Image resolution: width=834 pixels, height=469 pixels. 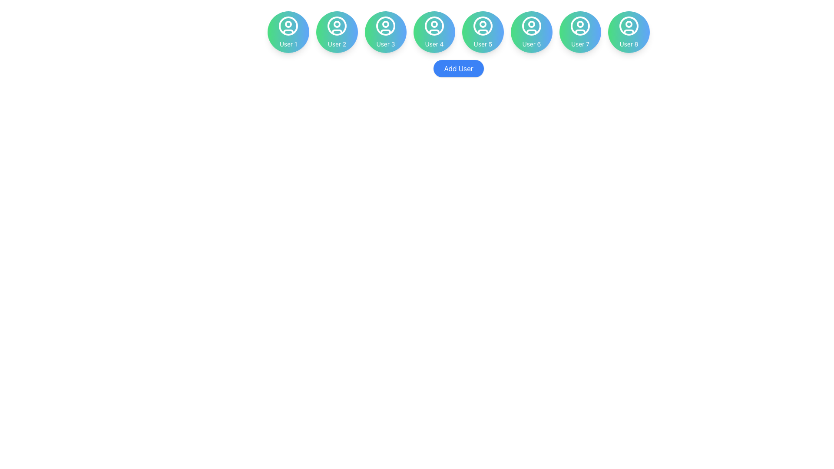 I want to click on the SVG circle graphic that forms the outermost boundary of the user profile icon for 'User 6', which is the sixth icon from the left, so click(x=531, y=26).